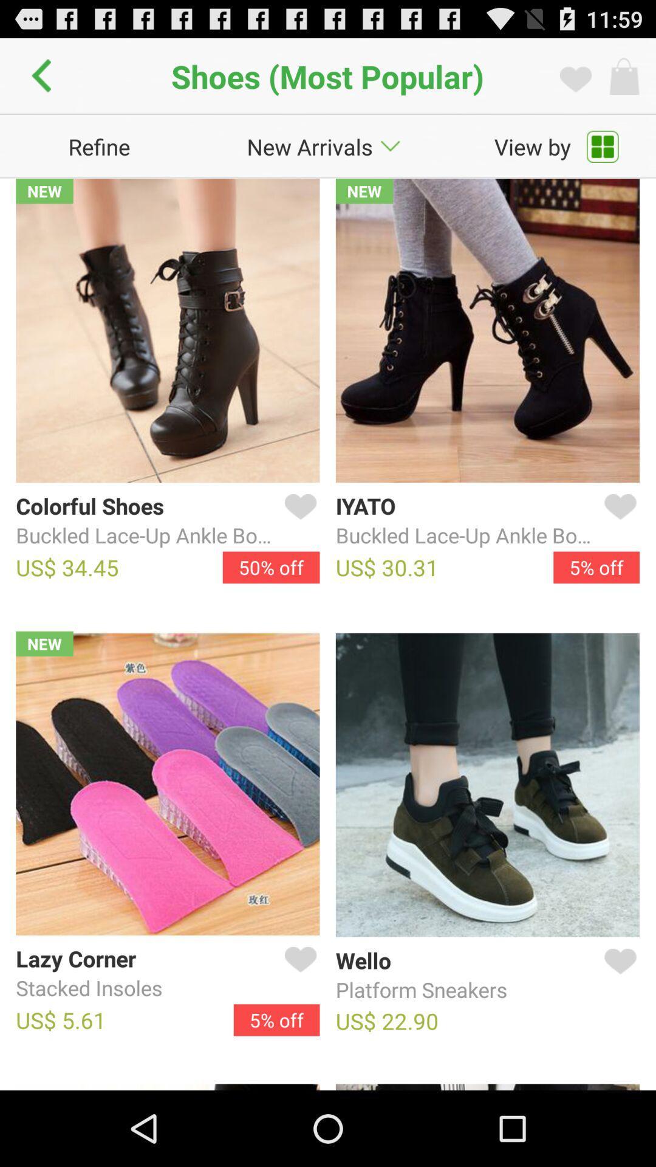 This screenshot has height=1167, width=656. Describe the element at coordinates (44, 75) in the screenshot. I see `go back` at that location.